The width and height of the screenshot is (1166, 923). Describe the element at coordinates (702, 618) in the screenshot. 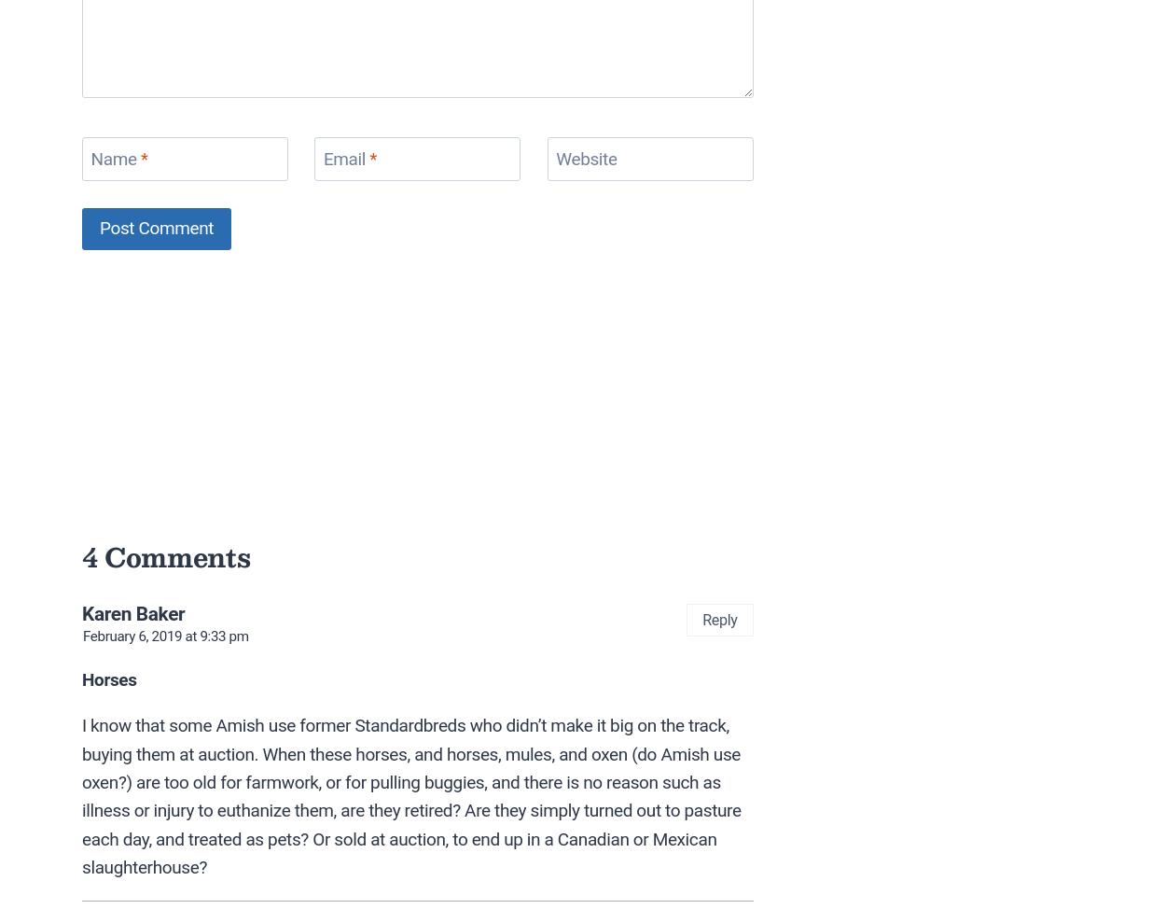

I see `'Reply'` at that location.